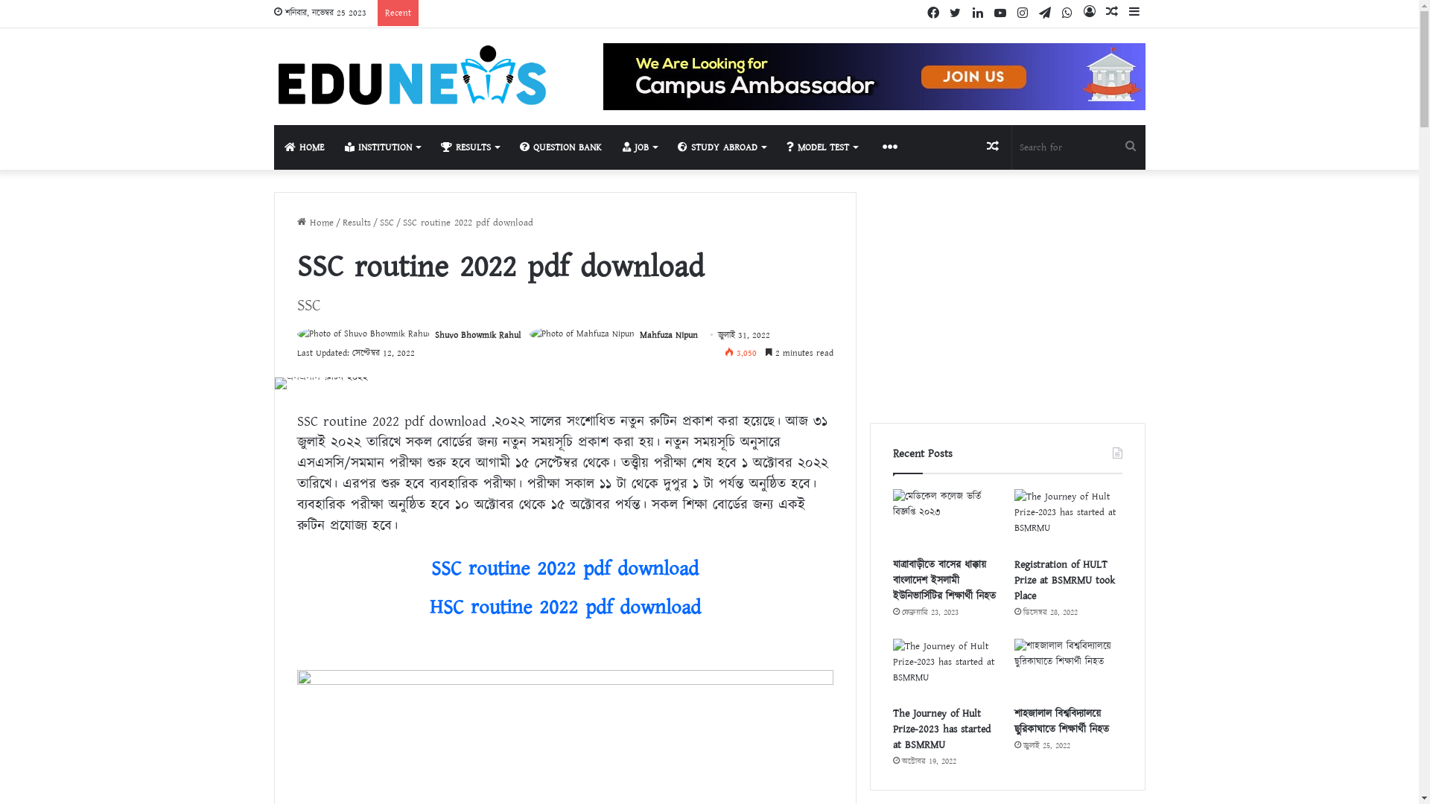 The height and width of the screenshot is (804, 1430). What do you see at coordinates (1011, 13) in the screenshot?
I see `'Instagram'` at bounding box center [1011, 13].